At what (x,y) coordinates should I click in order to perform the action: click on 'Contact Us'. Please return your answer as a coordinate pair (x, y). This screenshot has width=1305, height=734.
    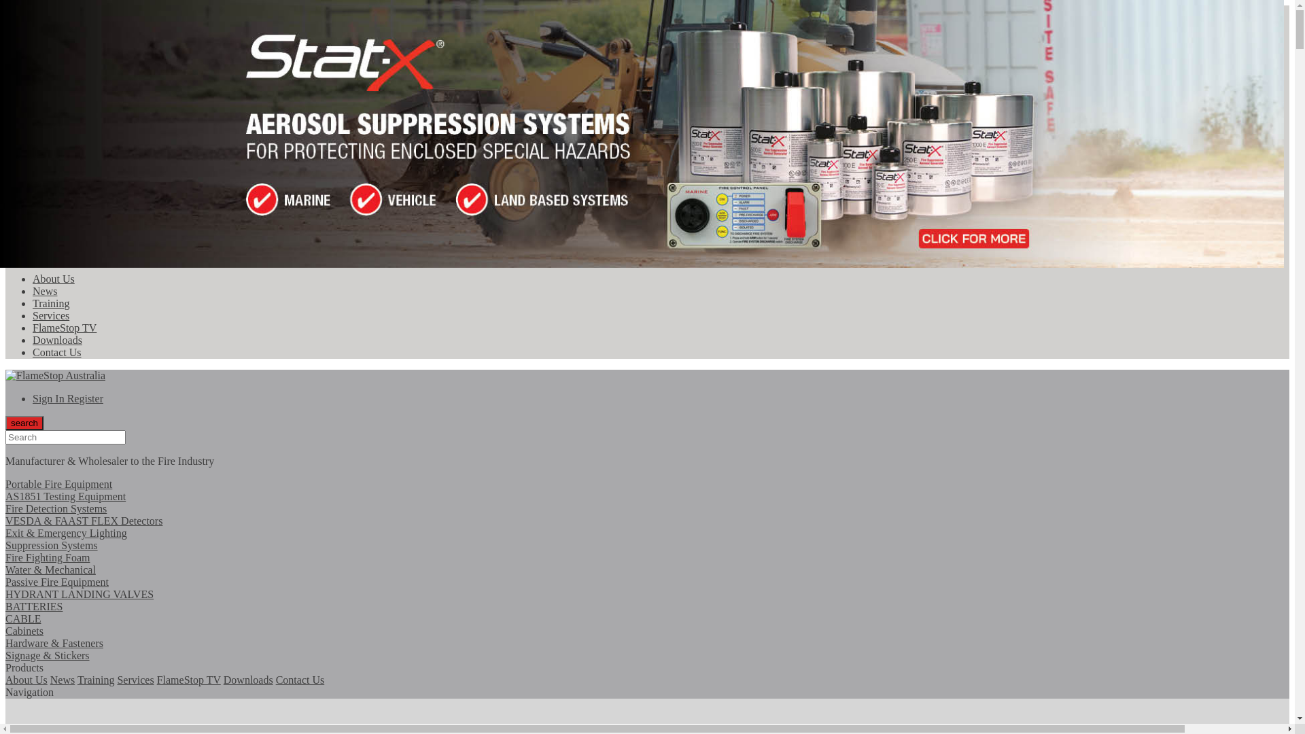
    Looking at the image, I should click on (299, 680).